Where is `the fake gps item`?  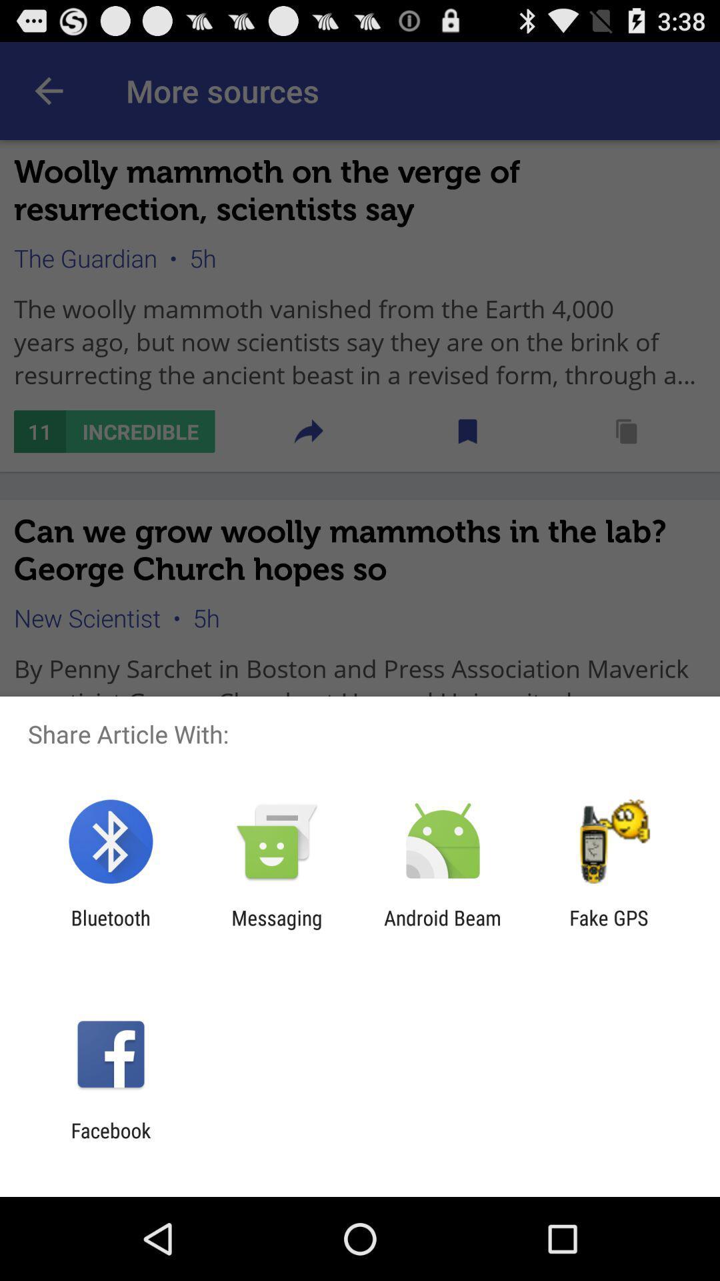
the fake gps item is located at coordinates (609, 929).